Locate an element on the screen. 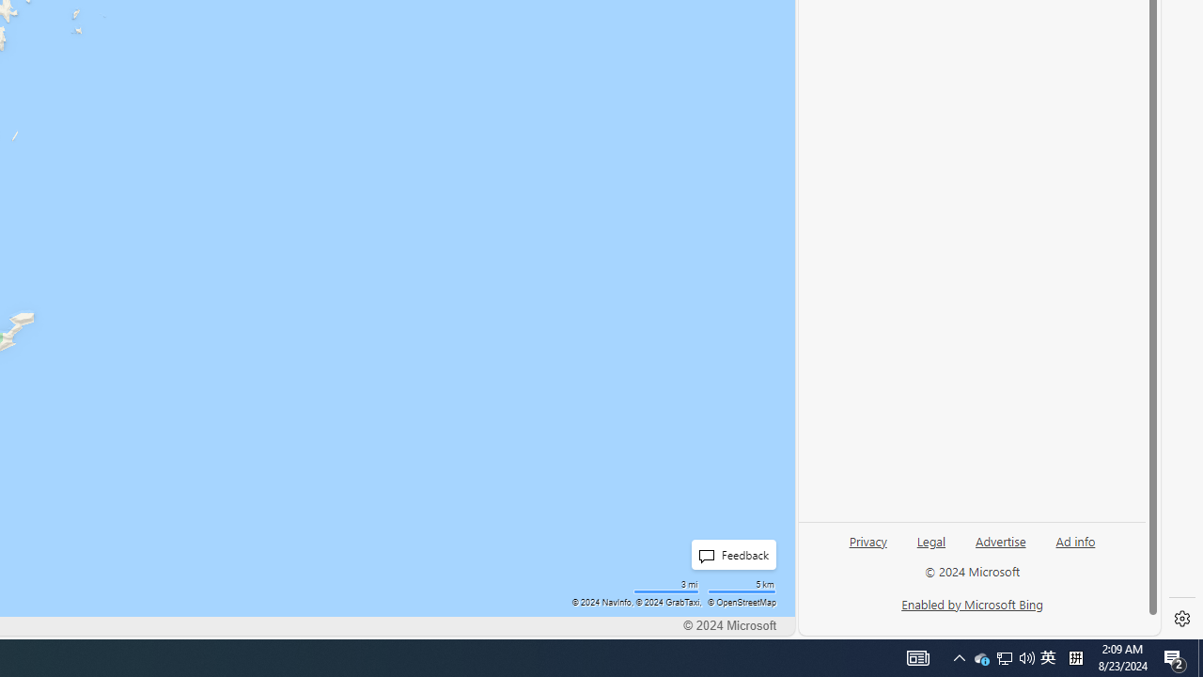  'Ad info' is located at coordinates (1075, 540).